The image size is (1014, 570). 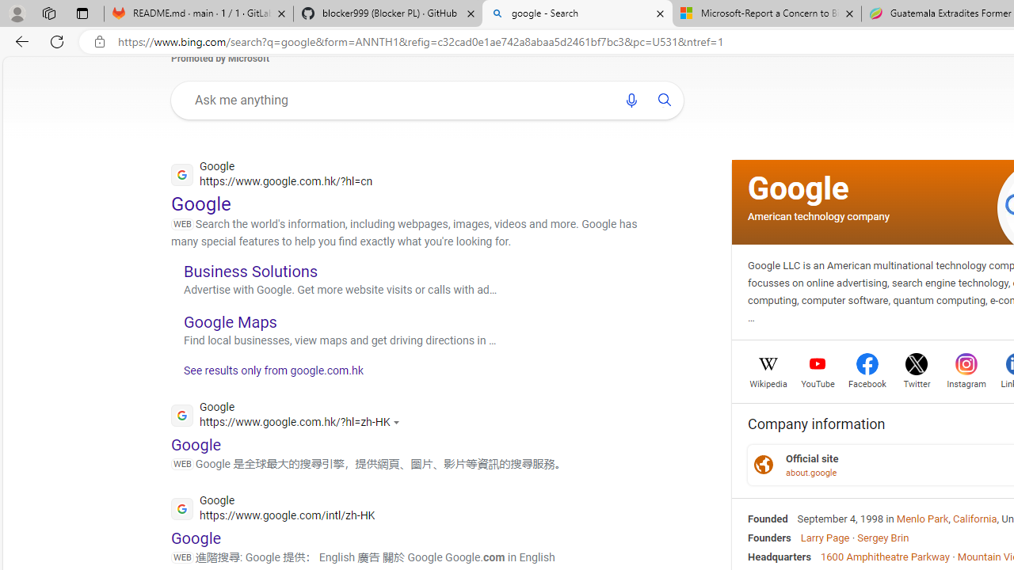 I want to click on 'Headquarters', so click(x=780, y=556).